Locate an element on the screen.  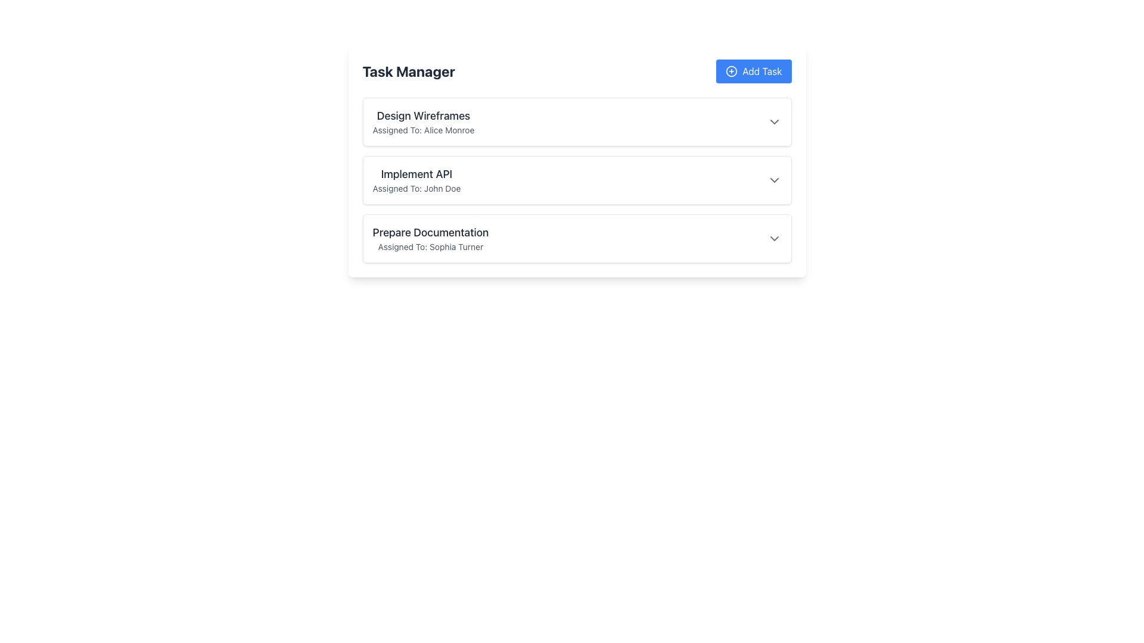
the 'Design Wireframes' text block element is located at coordinates (423, 121).